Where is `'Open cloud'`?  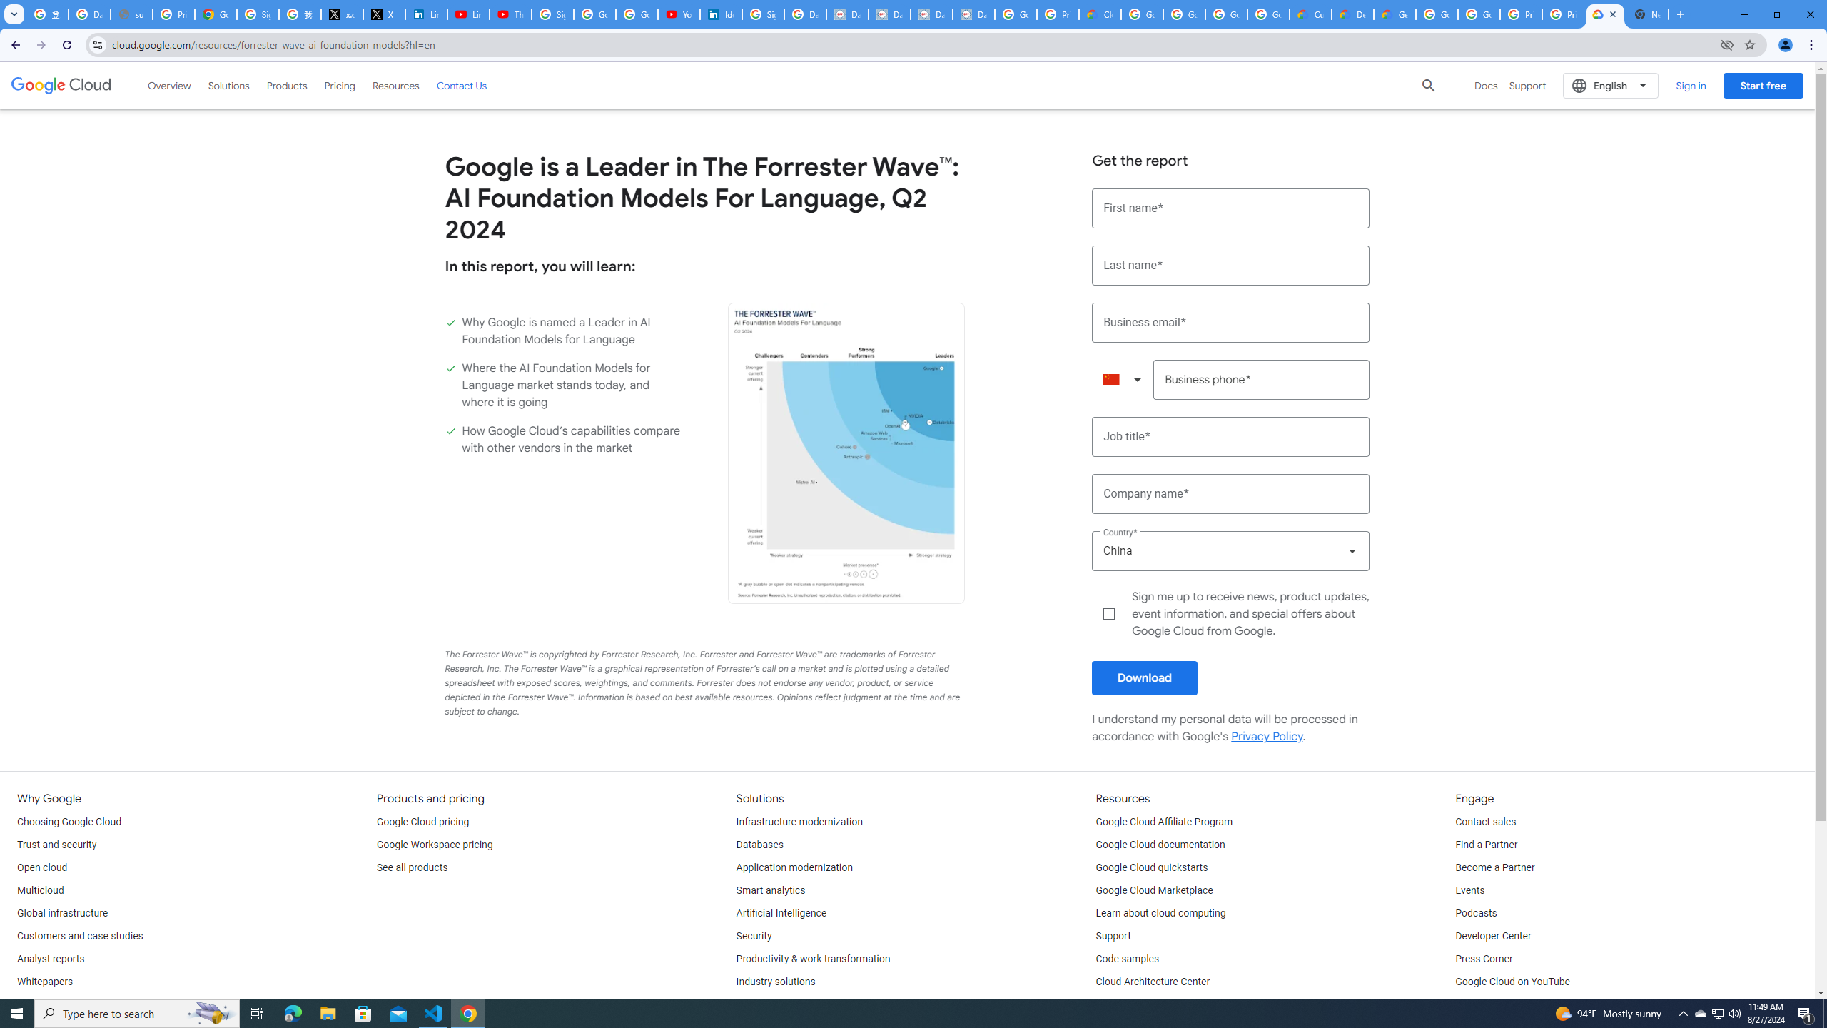 'Open cloud' is located at coordinates (41, 867).